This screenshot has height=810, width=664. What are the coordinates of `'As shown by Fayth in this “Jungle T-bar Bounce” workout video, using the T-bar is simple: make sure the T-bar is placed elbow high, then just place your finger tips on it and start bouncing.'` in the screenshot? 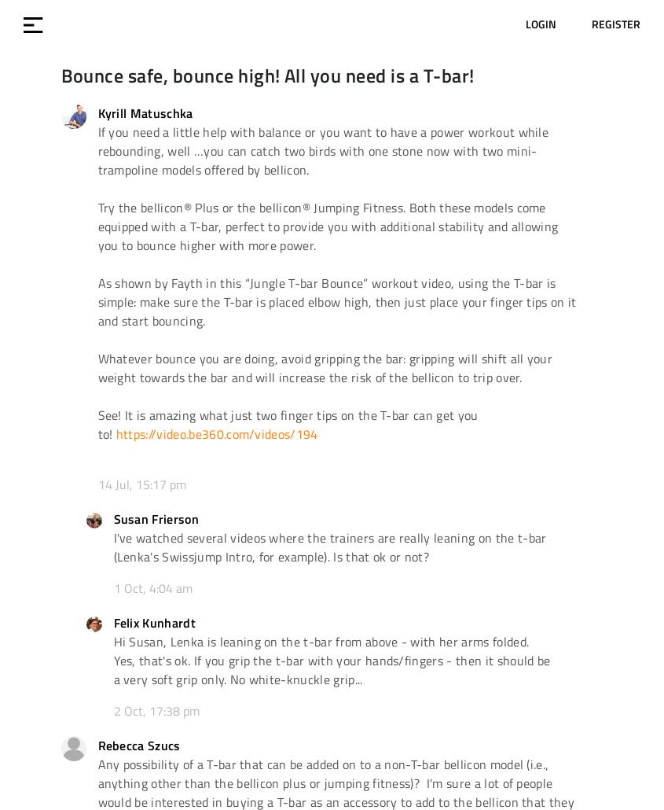 It's located at (336, 301).